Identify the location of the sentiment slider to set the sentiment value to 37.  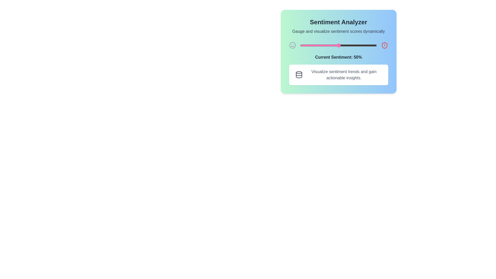
(328, 45).